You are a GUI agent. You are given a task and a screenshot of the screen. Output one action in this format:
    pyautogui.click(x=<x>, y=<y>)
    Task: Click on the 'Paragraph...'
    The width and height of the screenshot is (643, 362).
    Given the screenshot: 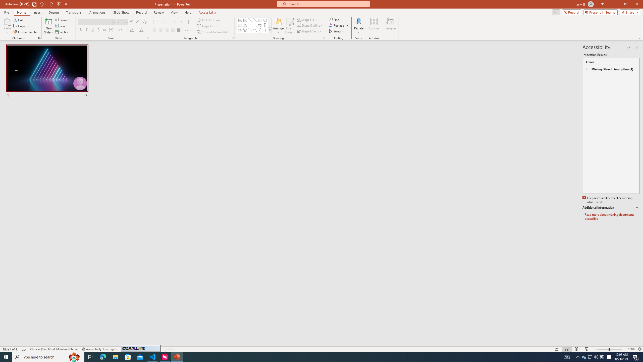 What is the action you would take?
    pyautogui.click(x=232, y=38)
    